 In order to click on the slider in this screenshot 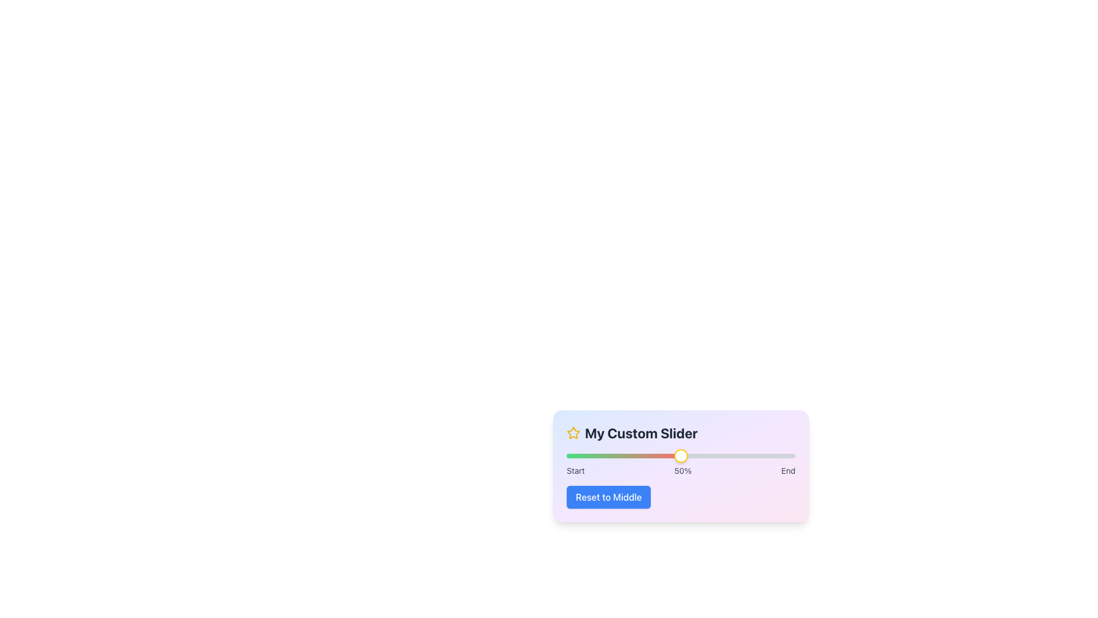, I will do `click(625, 455)`.